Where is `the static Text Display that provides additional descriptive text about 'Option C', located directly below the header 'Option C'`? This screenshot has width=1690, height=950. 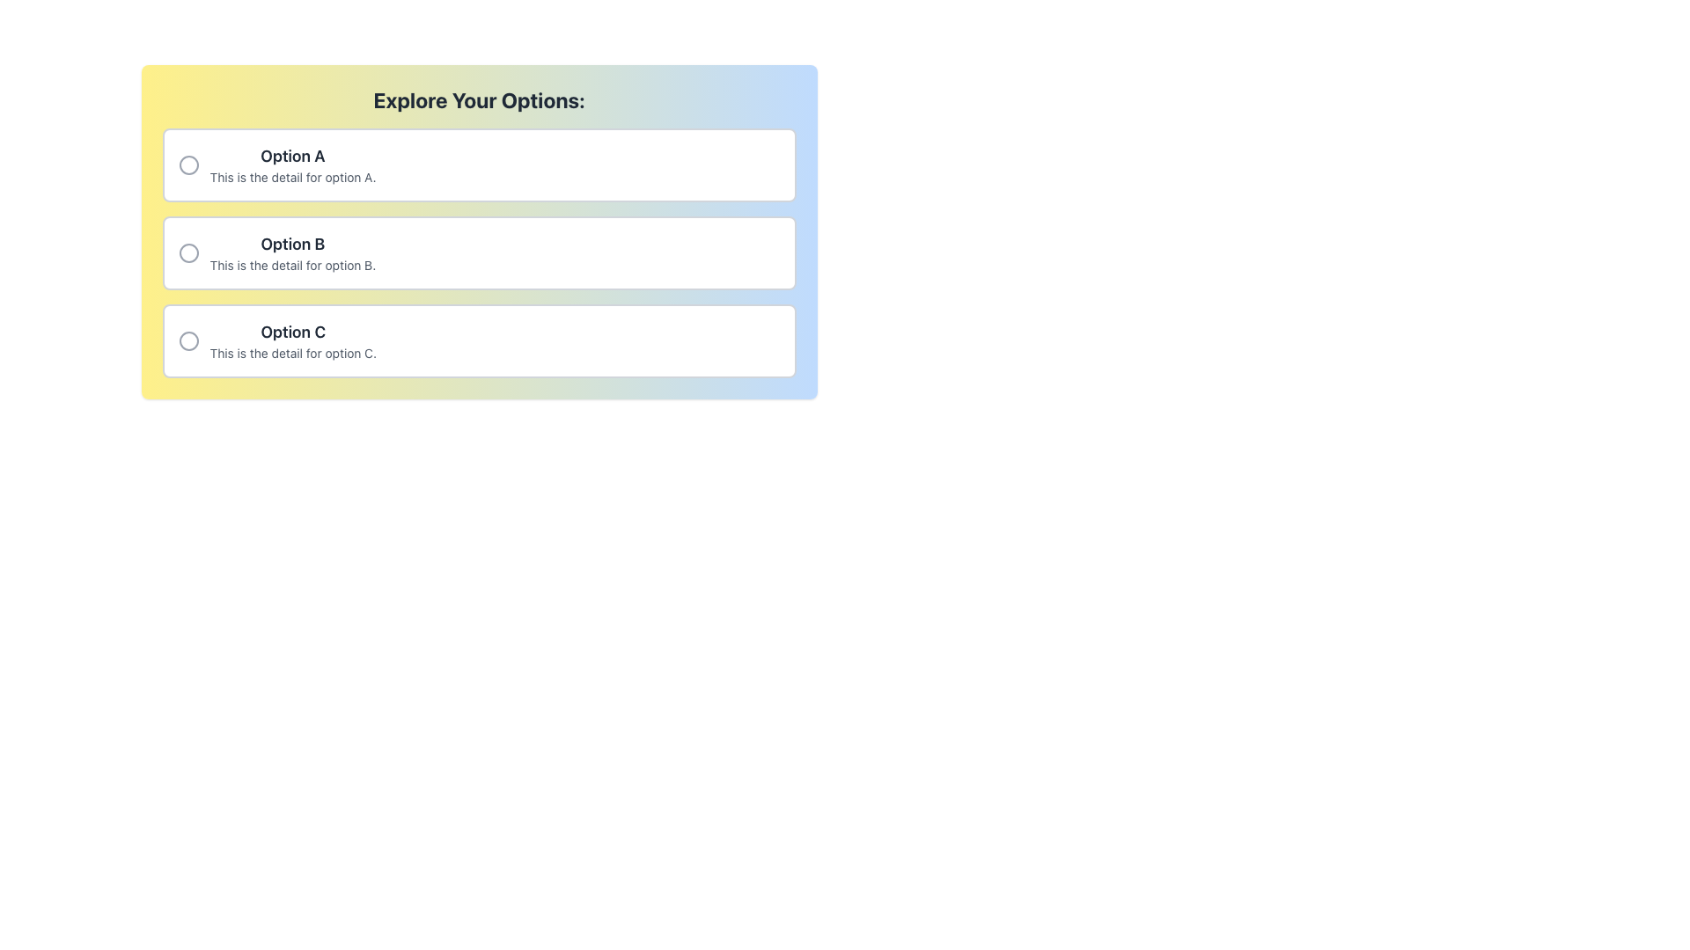
the static Text Display that provides additional descriptive text about 'Option C', located directly below the header 'Option C' is located at coordinates (293, 353).